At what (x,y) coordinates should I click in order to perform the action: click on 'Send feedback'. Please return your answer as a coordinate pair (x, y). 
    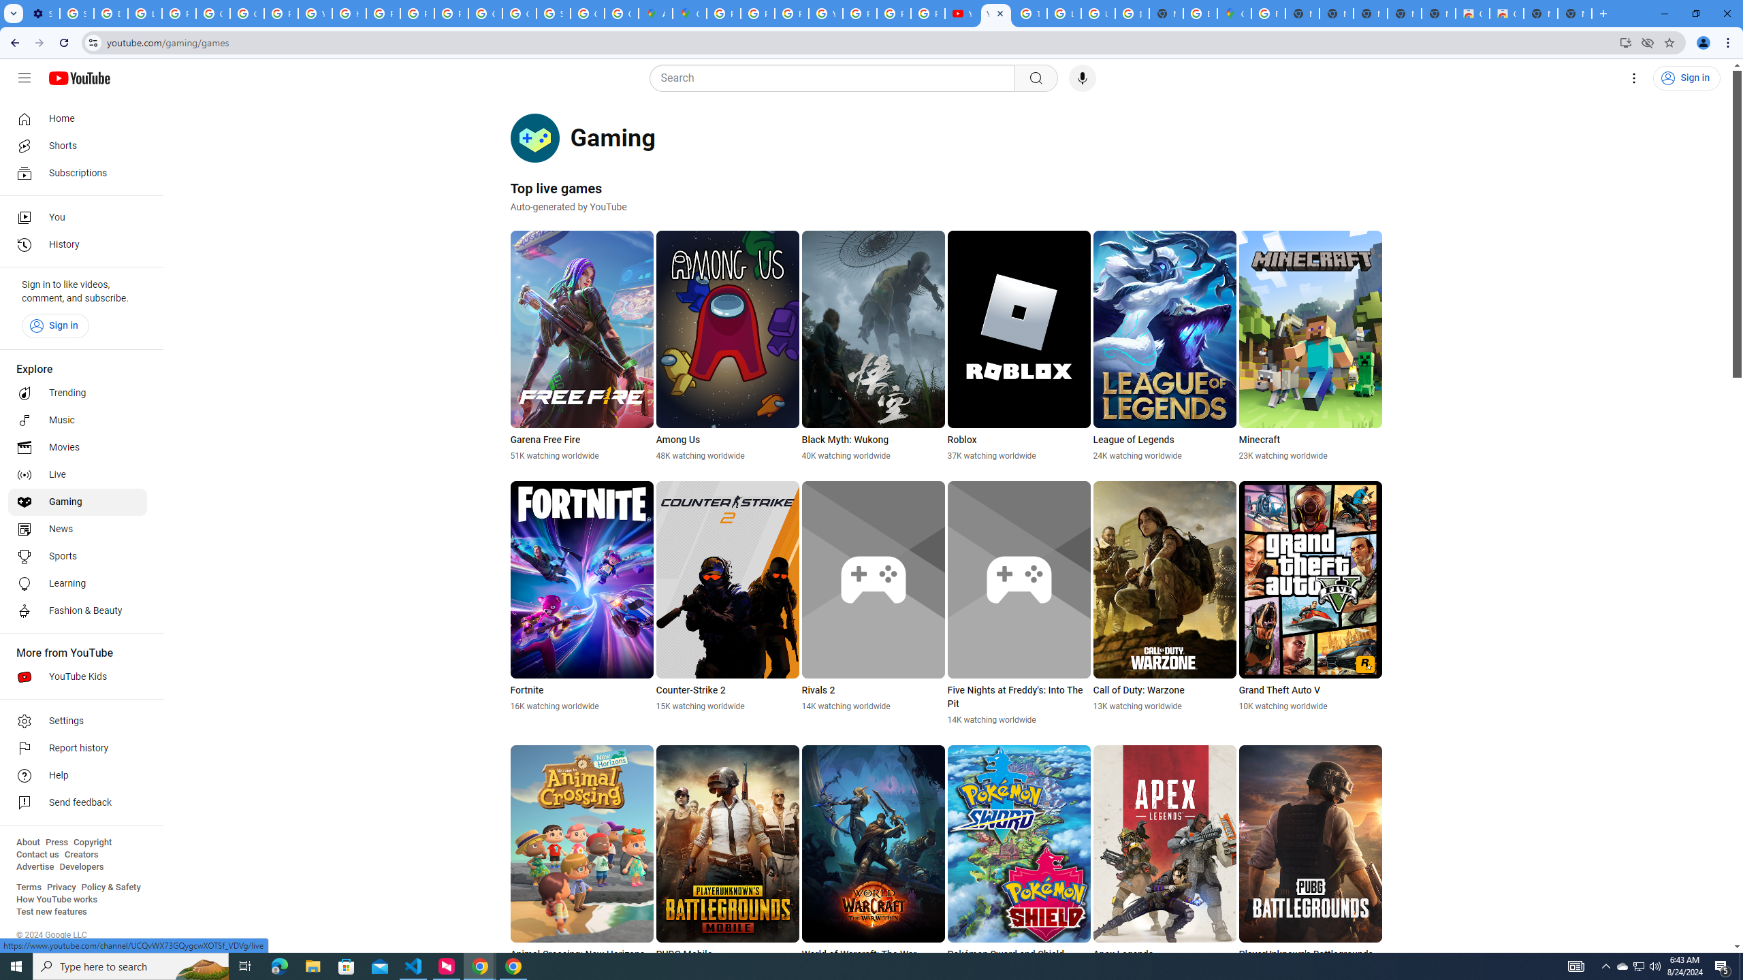
    Looking at the image, I should click on (77, 802).